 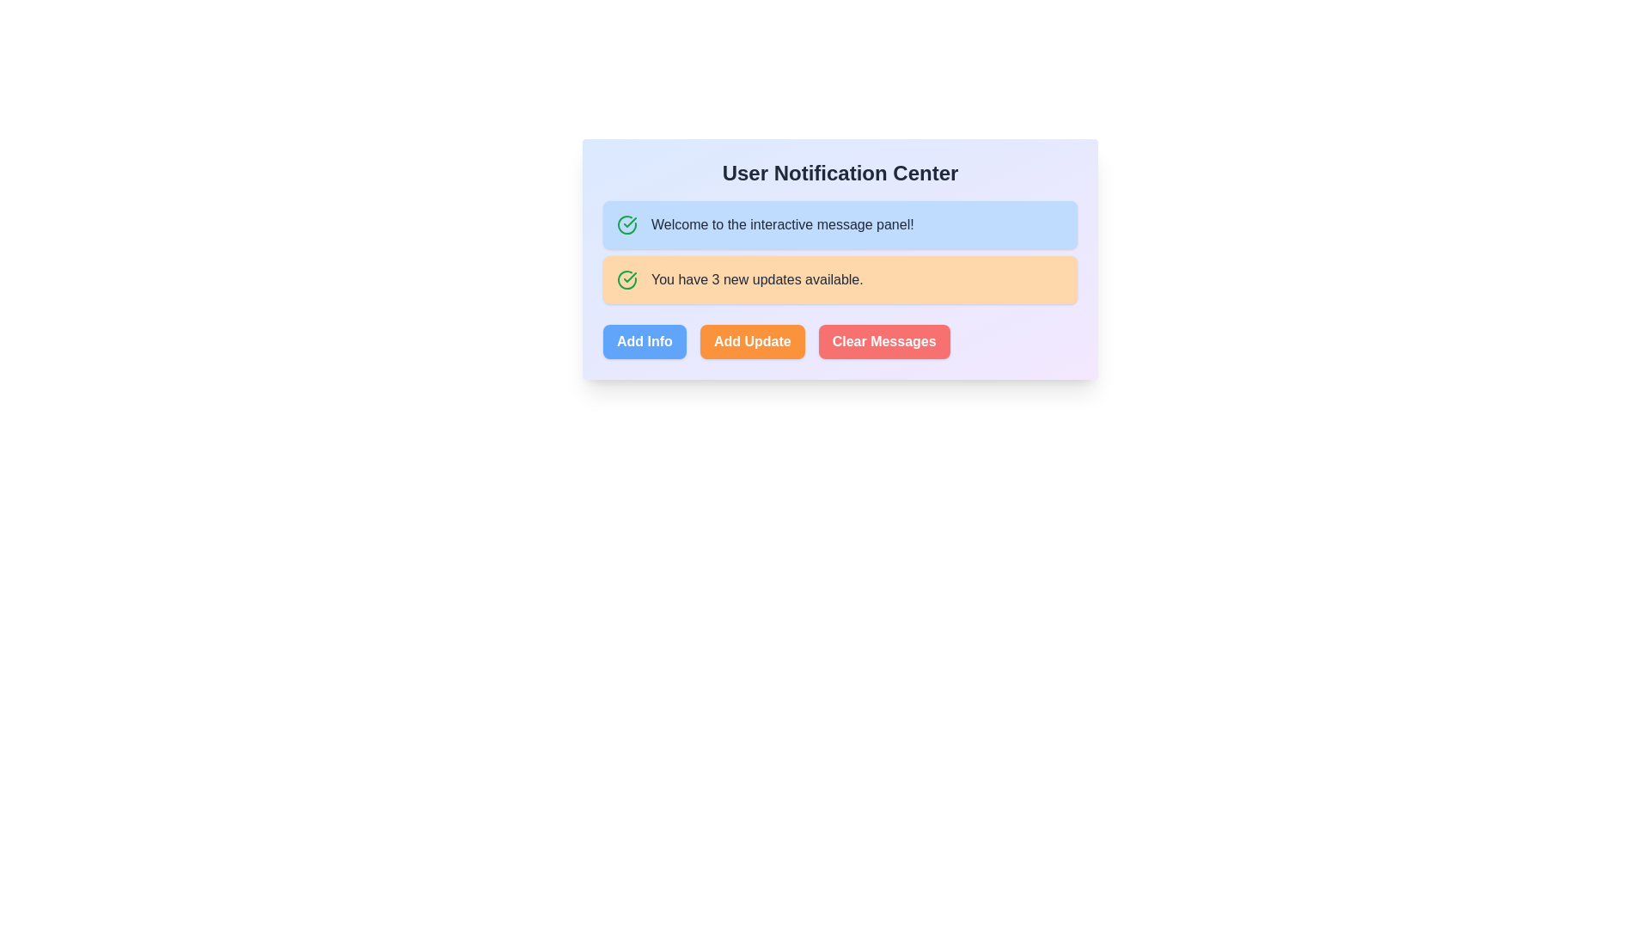 What do you see at coordinates (883, 341) in the screenshot?
I see `the 'Clear Messages' button` at bounding box center [883, 341].